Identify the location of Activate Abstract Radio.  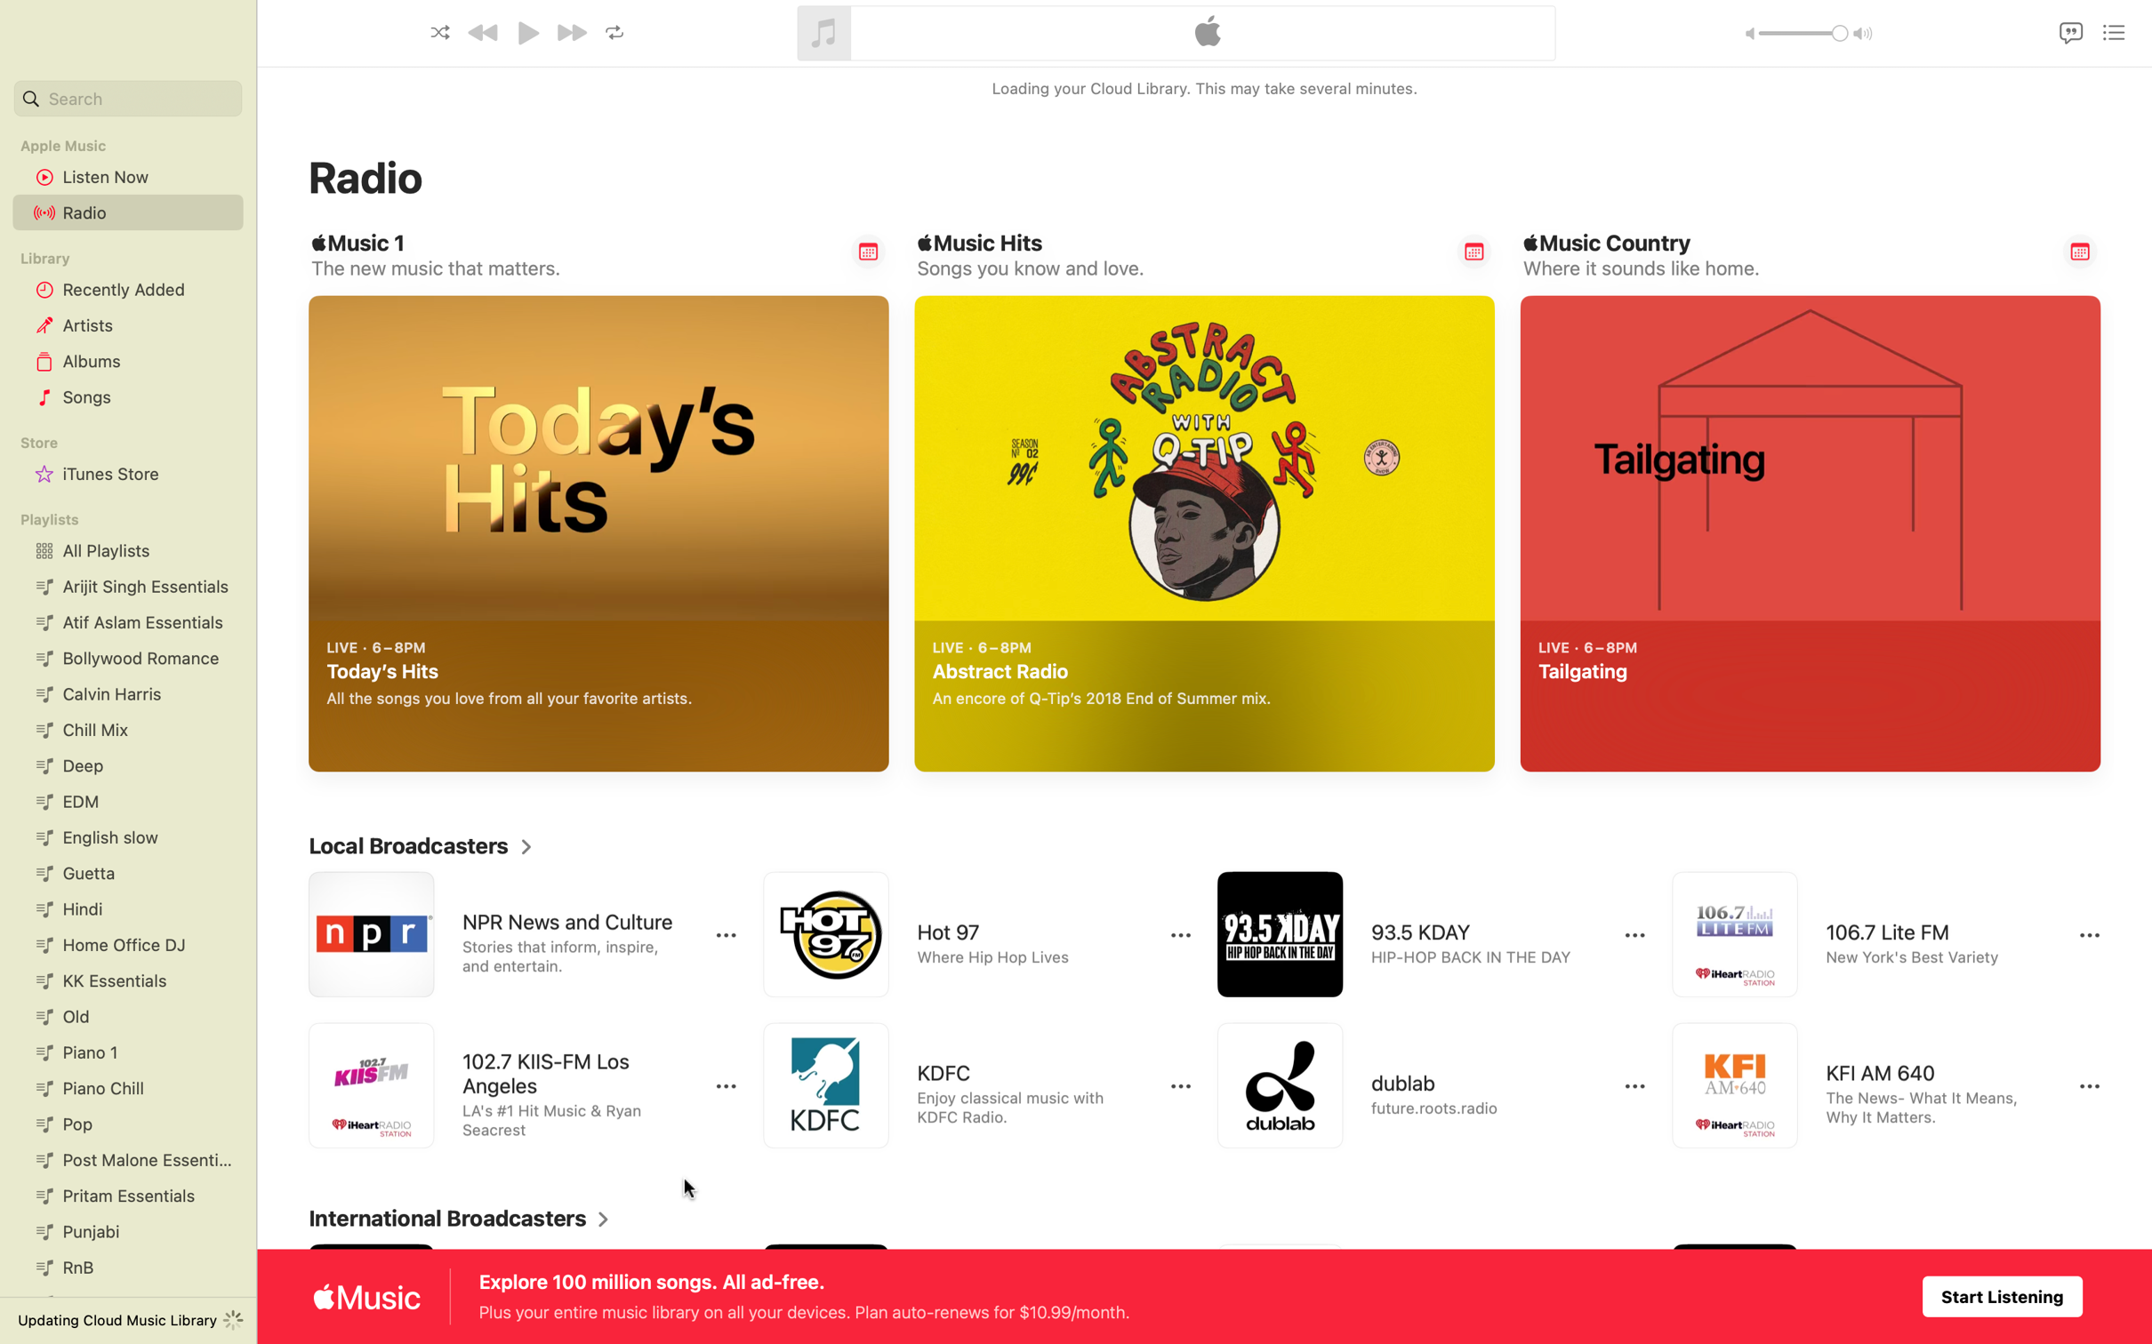
(1456, 734).